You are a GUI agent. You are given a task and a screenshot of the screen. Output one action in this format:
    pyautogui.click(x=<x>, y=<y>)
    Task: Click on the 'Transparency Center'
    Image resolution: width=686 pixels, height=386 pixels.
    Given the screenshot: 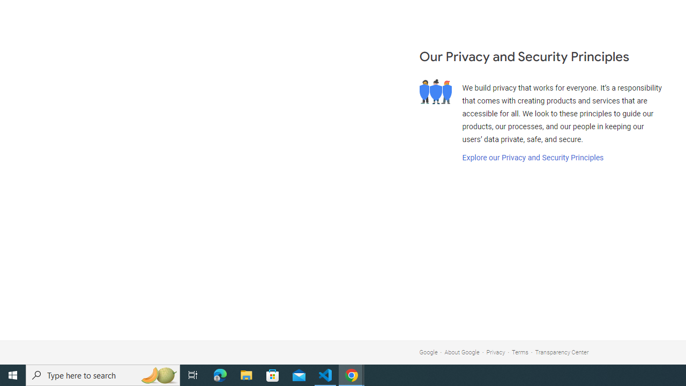 What is the action you would take?
    pyautogui.click(x=561, y=352)
    